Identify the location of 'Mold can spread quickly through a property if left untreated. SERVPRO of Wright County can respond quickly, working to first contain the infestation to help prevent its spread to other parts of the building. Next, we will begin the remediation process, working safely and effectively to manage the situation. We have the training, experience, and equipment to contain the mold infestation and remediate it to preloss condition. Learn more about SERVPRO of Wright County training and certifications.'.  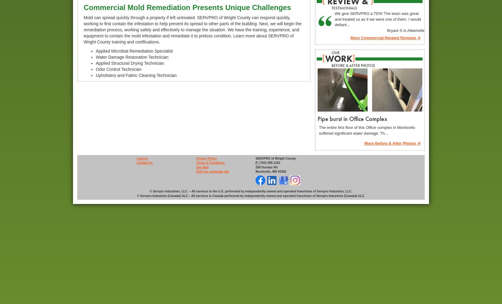
(192, 29).